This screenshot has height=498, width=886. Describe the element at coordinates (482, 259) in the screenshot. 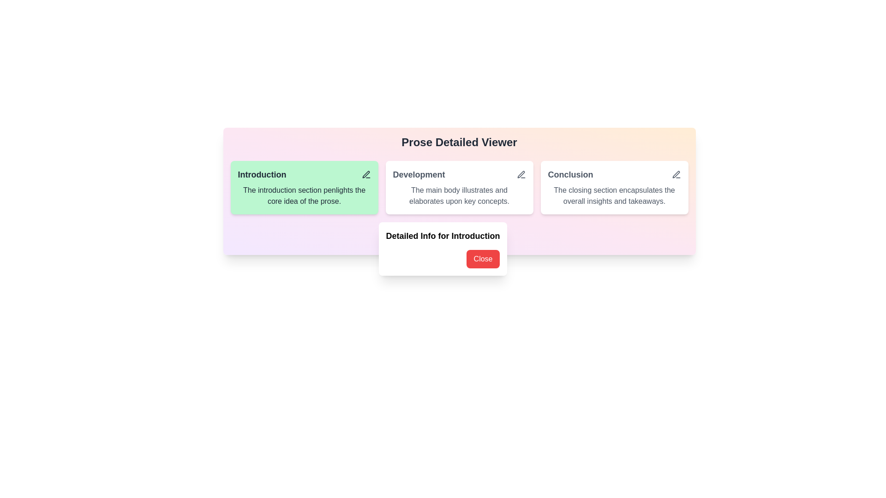

I see `the 'Close' button, which is a rectangular button with a red background and white text, located at the bottom-right corner of a white pop-up box displaying 'Detailed Info for Introduction'` at that location.